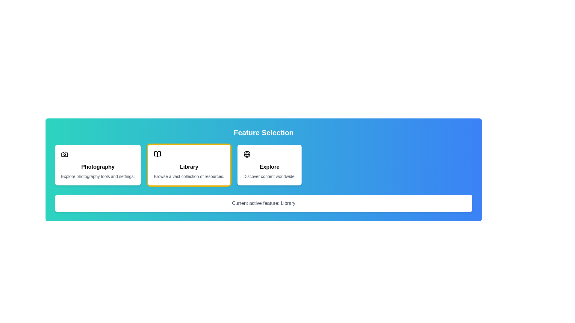 Image resolution: width=575 pixels, height=323 pixels. What do you see at coordinates (157, 154) in the screenshot?
I see `the open book icon located at the top-left corner of the 'Library' card as a visual identifier` at bounding box center [157, 154].